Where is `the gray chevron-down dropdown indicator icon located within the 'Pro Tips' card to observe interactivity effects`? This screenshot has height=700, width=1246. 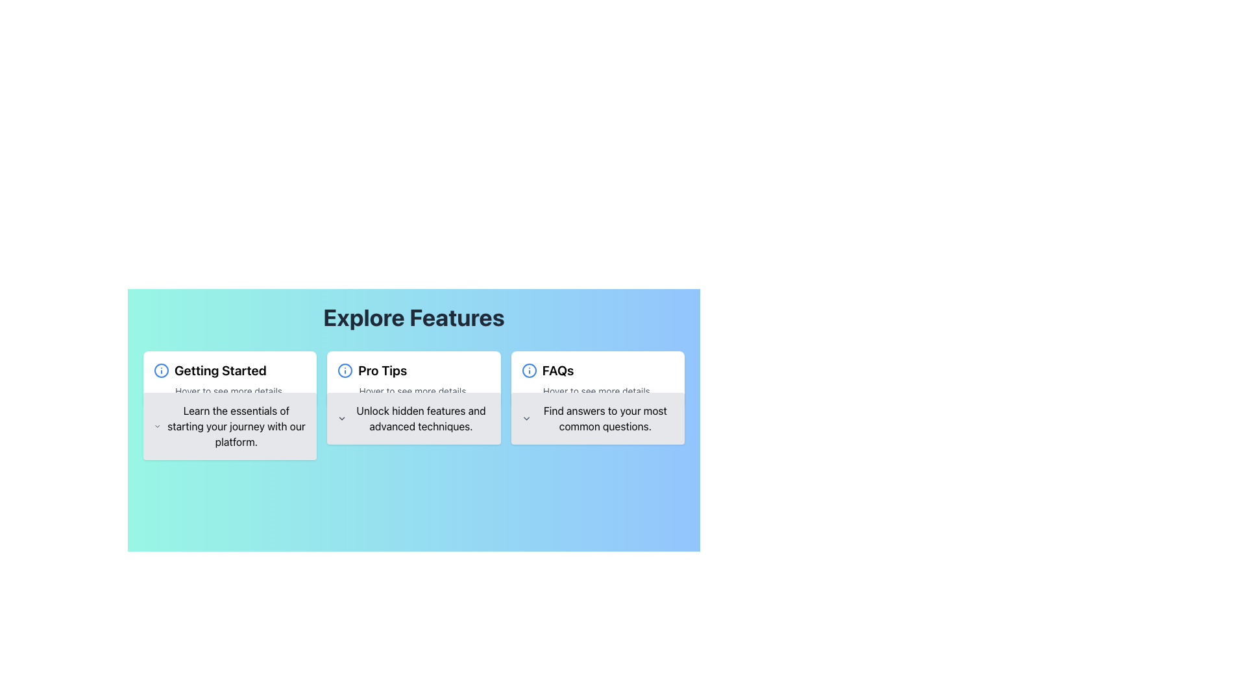 the gray chevron-down dropdown indicator icon located within the 'Pro Tips' card to observe interactivity effects is located at coordinates (342, 418).